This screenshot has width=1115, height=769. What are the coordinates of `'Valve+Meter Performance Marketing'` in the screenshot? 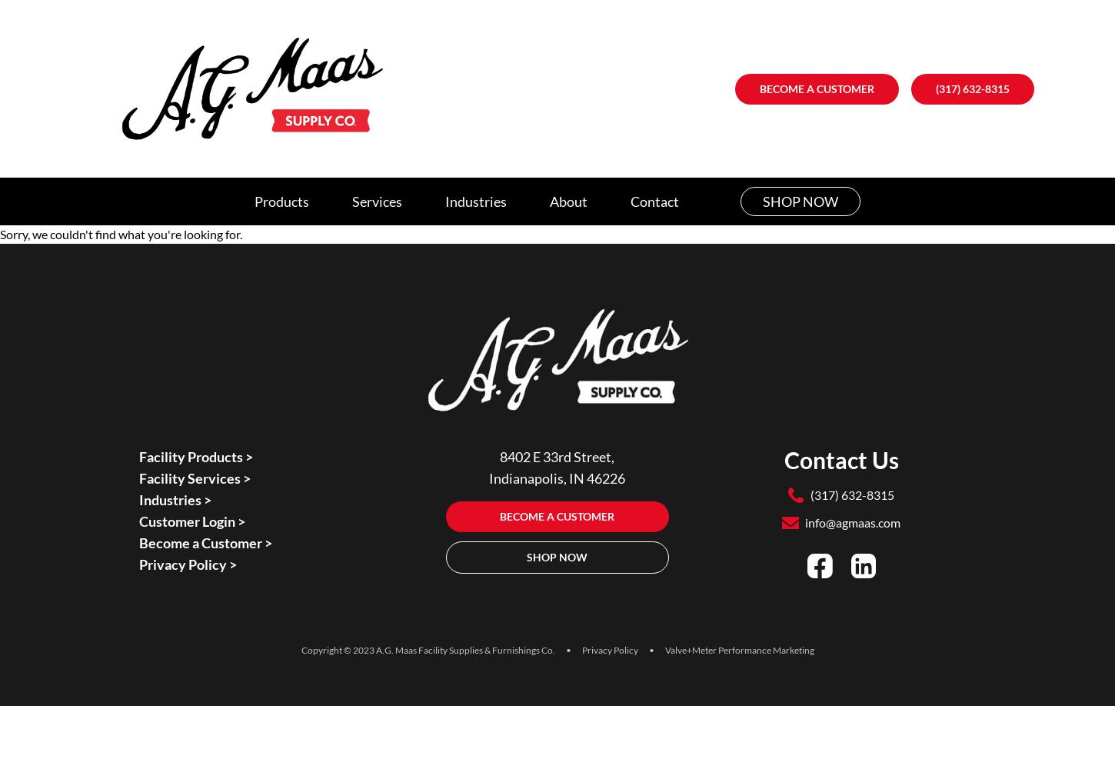 It's located at (738, 649).